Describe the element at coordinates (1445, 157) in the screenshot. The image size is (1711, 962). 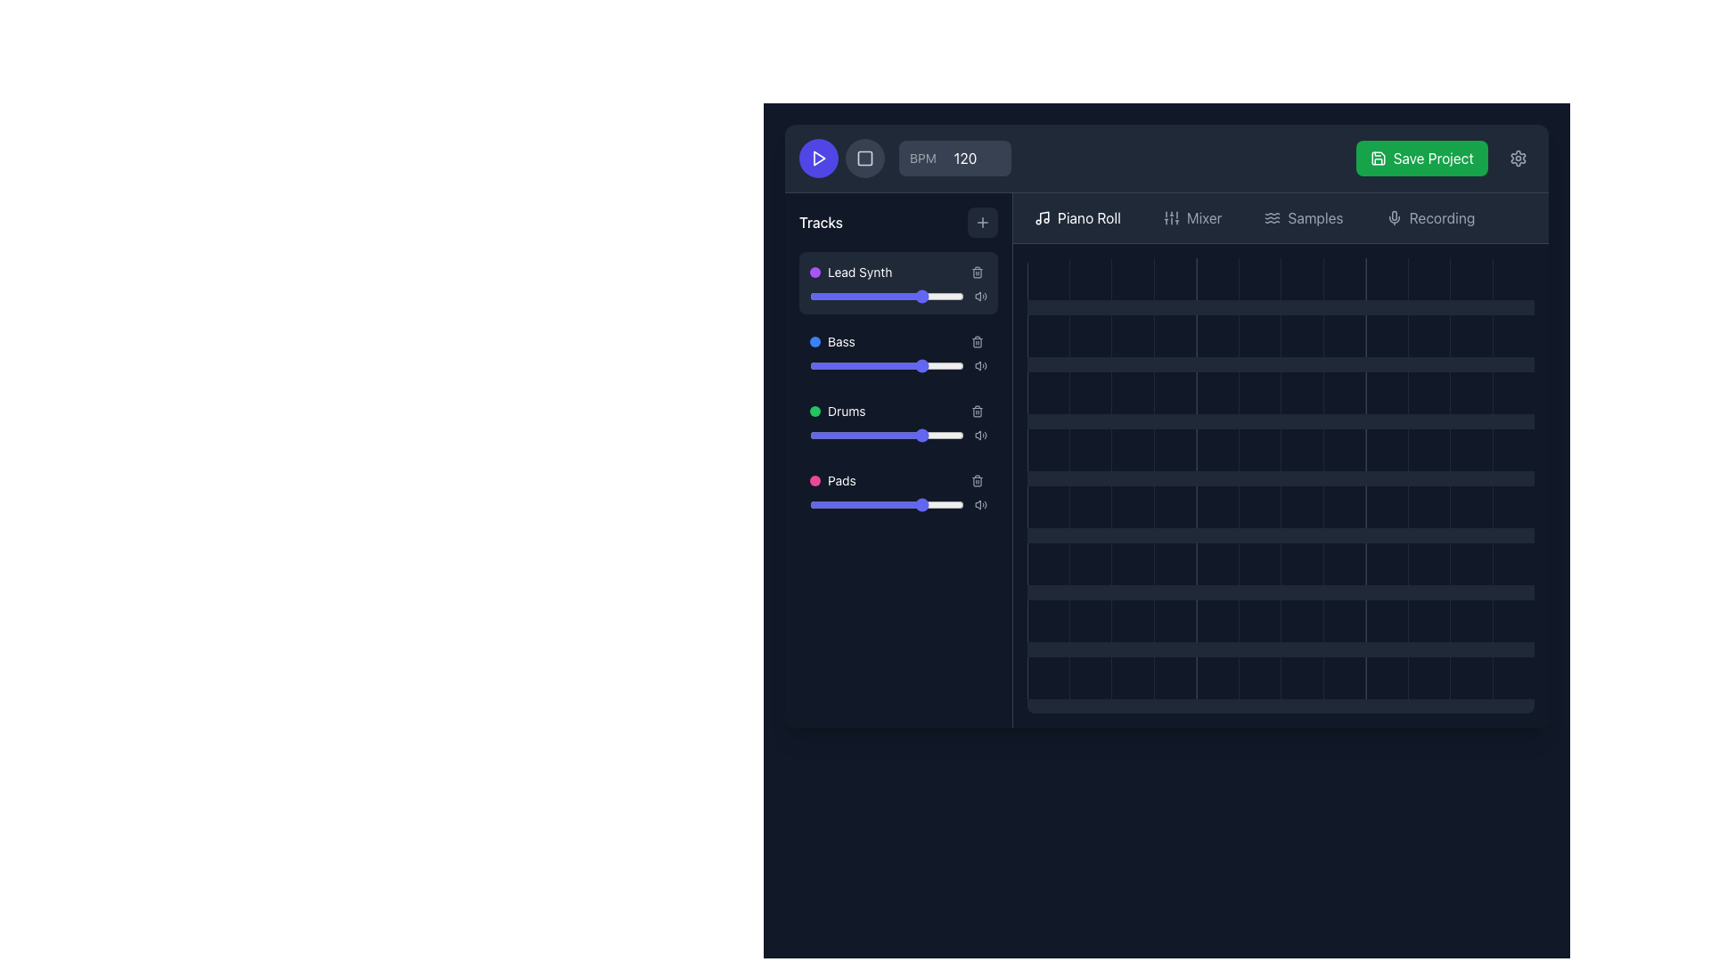
I see `the 'Save Project' button, which is a bright green rectangular button with white text and a floppy disk icon` at that location.